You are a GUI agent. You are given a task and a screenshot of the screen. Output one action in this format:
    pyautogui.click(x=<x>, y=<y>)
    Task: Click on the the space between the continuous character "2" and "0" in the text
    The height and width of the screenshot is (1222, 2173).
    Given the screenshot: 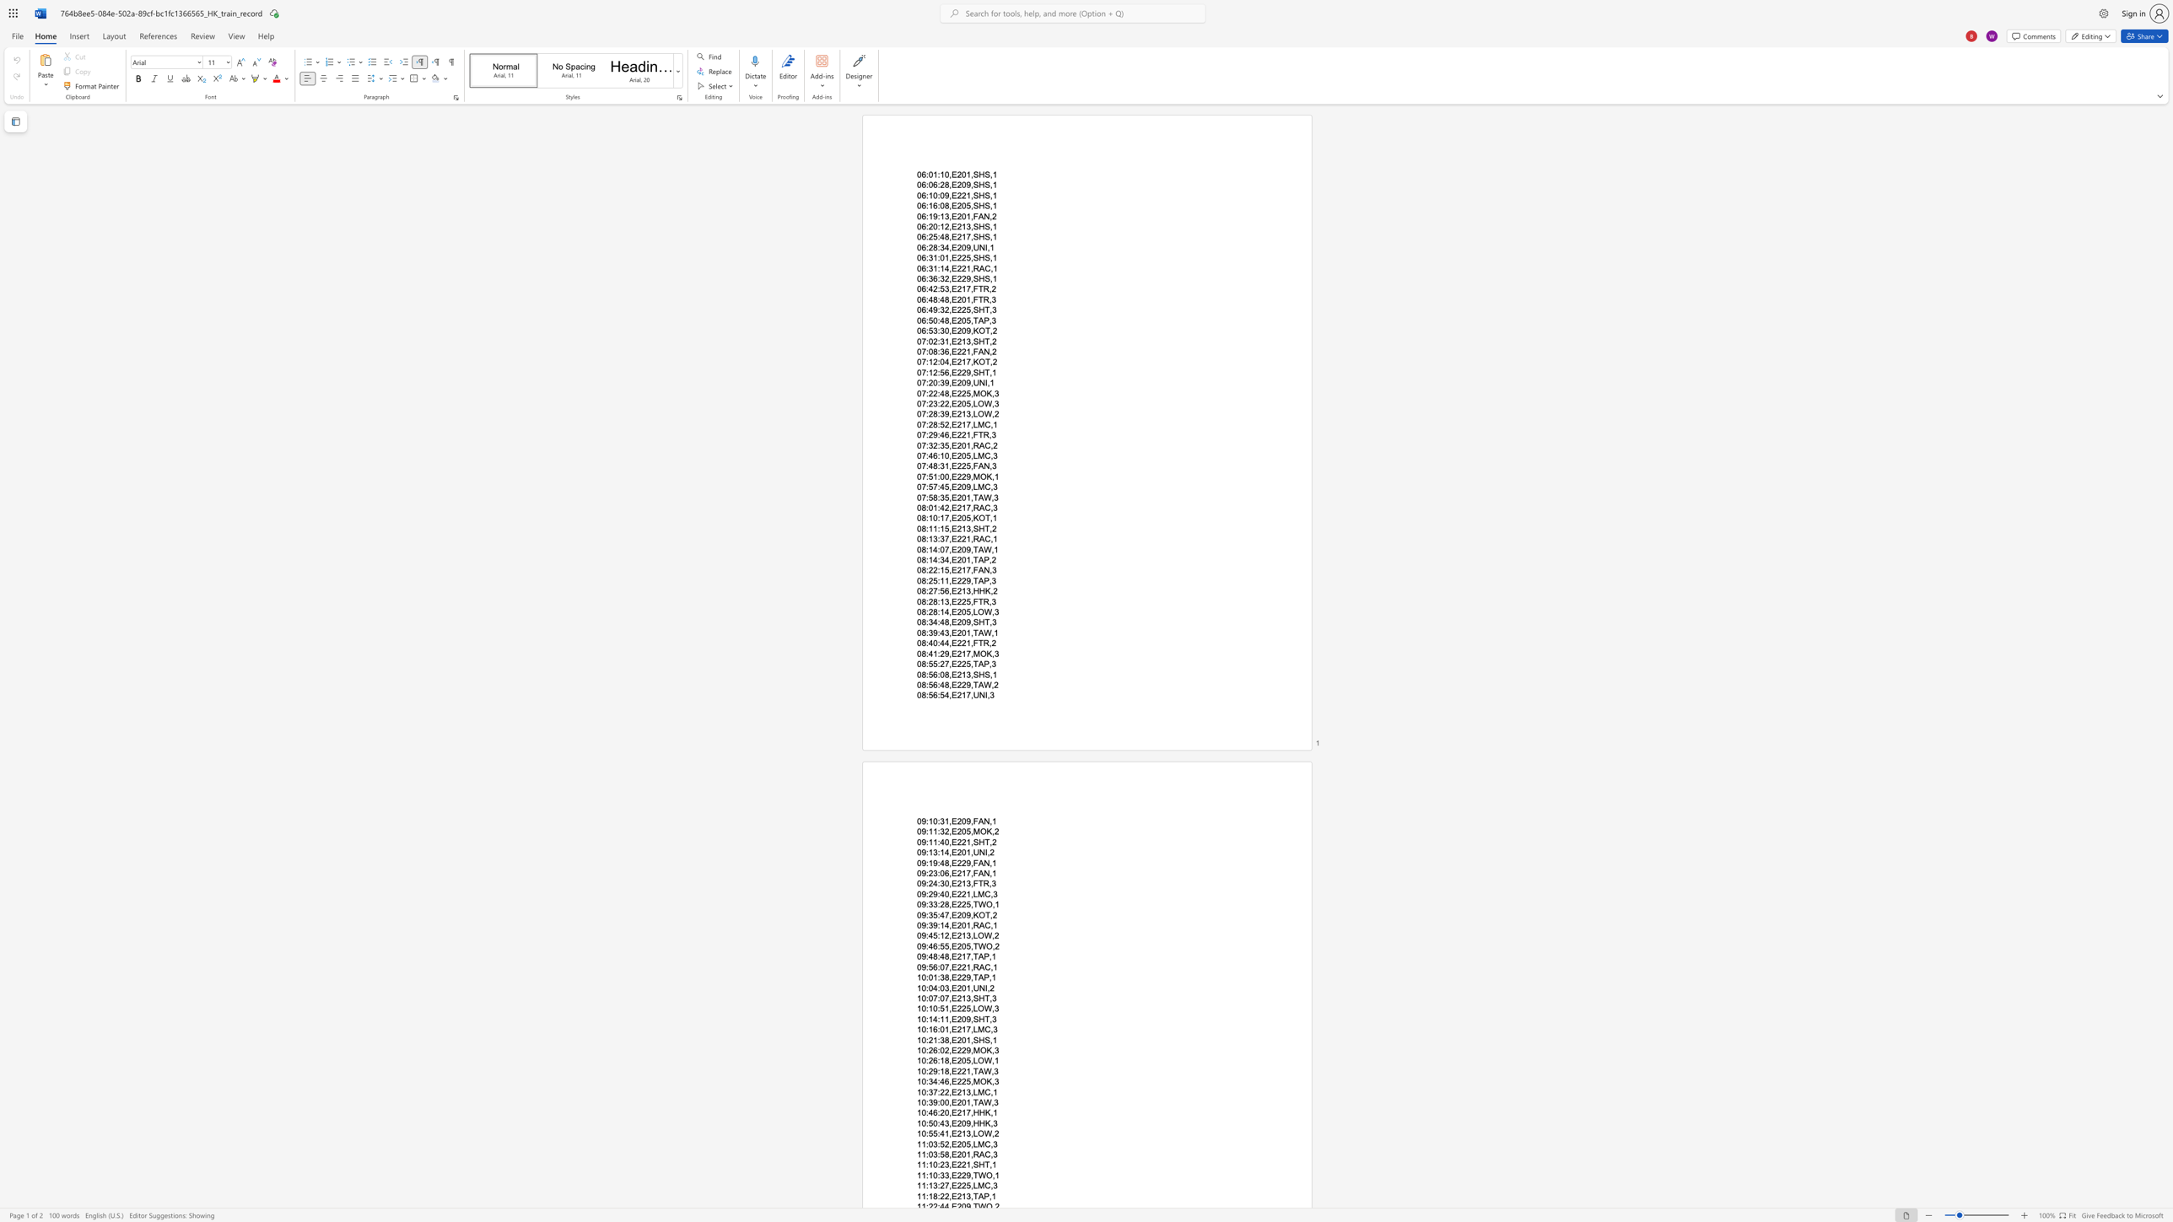 What is the action you would take?
    pyautogui.click(x=960, y=444)
    